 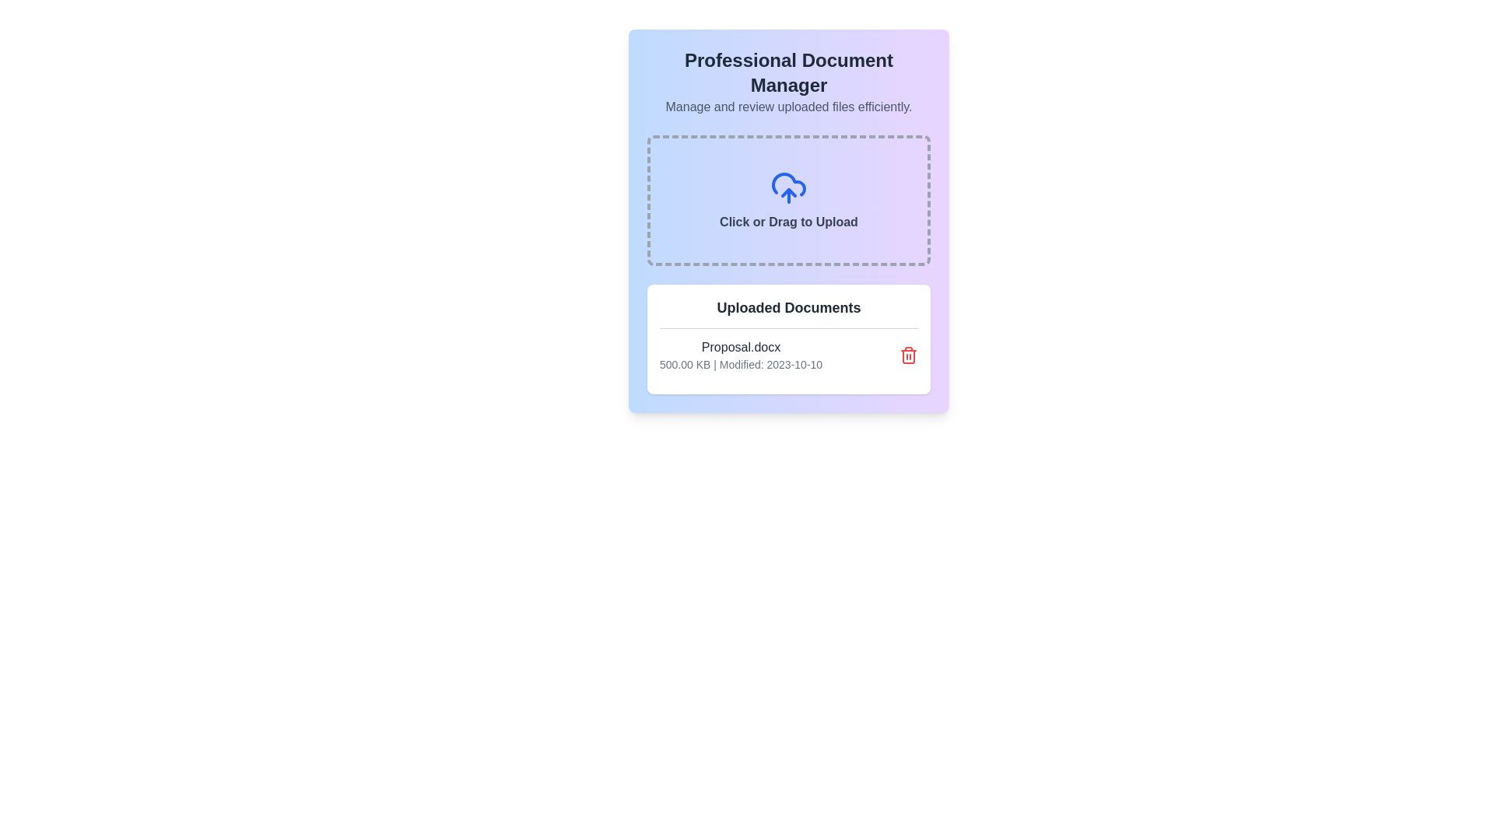 I want to click on text label that provides additional metadata about the document, including its file size and last modification date, located in the 'Uploaded Documents' section under 'Proposal.docx', so click(x=740, y=365).